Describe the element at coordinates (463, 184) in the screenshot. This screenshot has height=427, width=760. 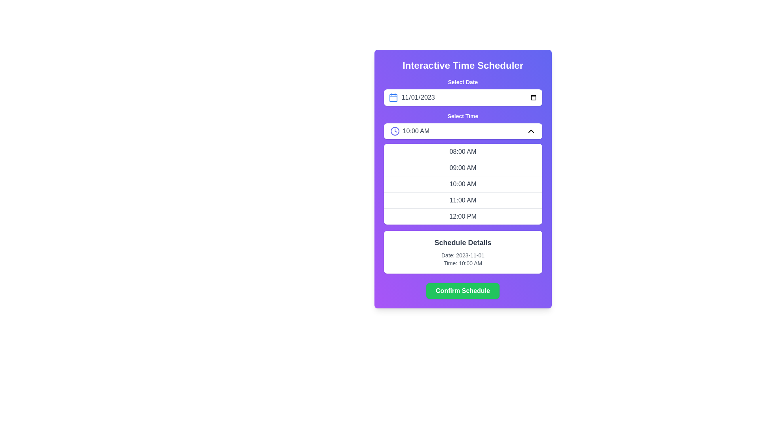
I see `the text item displaying '10:00 AM' in the vertically stacked list of time options` at that location.